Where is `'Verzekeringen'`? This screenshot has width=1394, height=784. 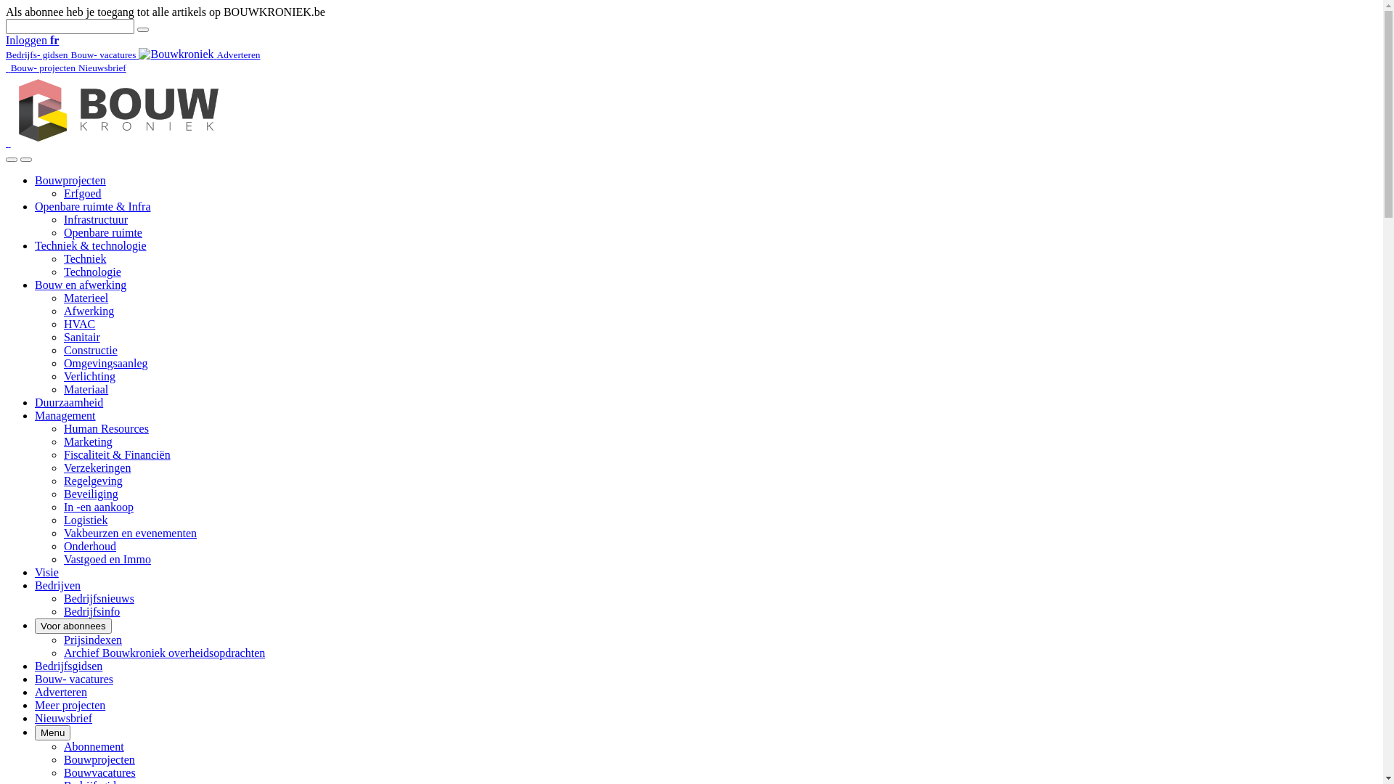
'Verzekeringen' is located at coordinates (97, 467).